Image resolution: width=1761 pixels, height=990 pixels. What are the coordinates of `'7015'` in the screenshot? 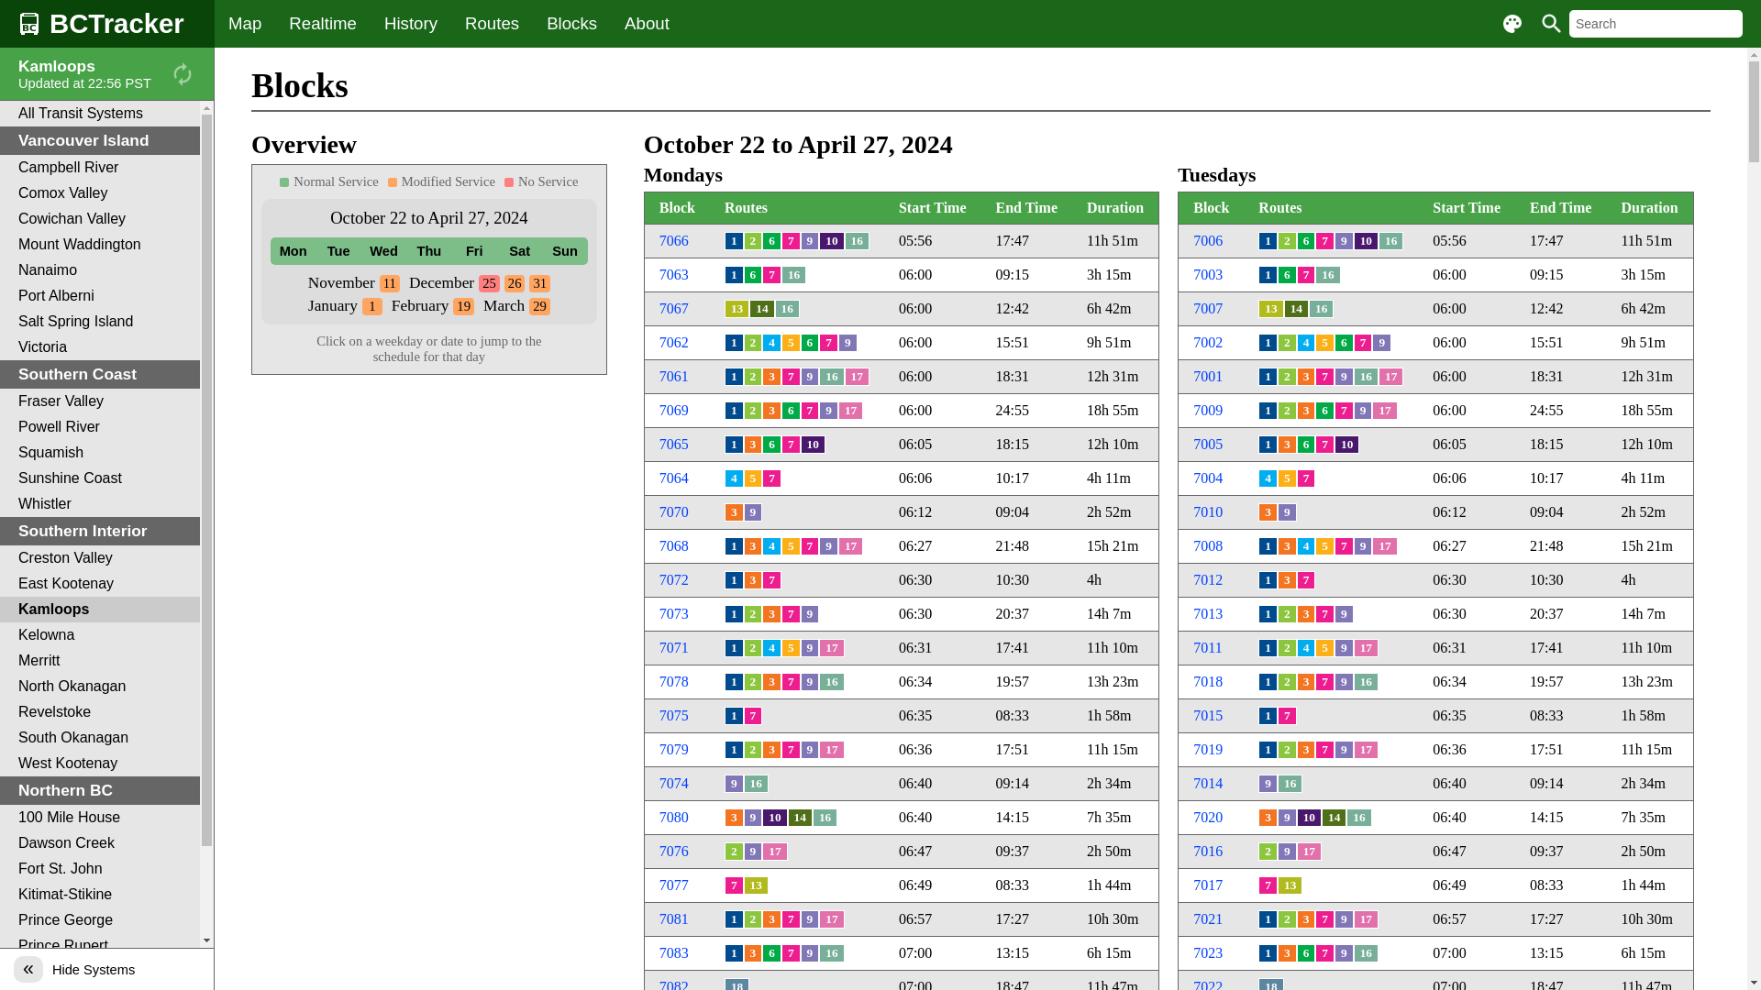 It's located at (1207, 714).